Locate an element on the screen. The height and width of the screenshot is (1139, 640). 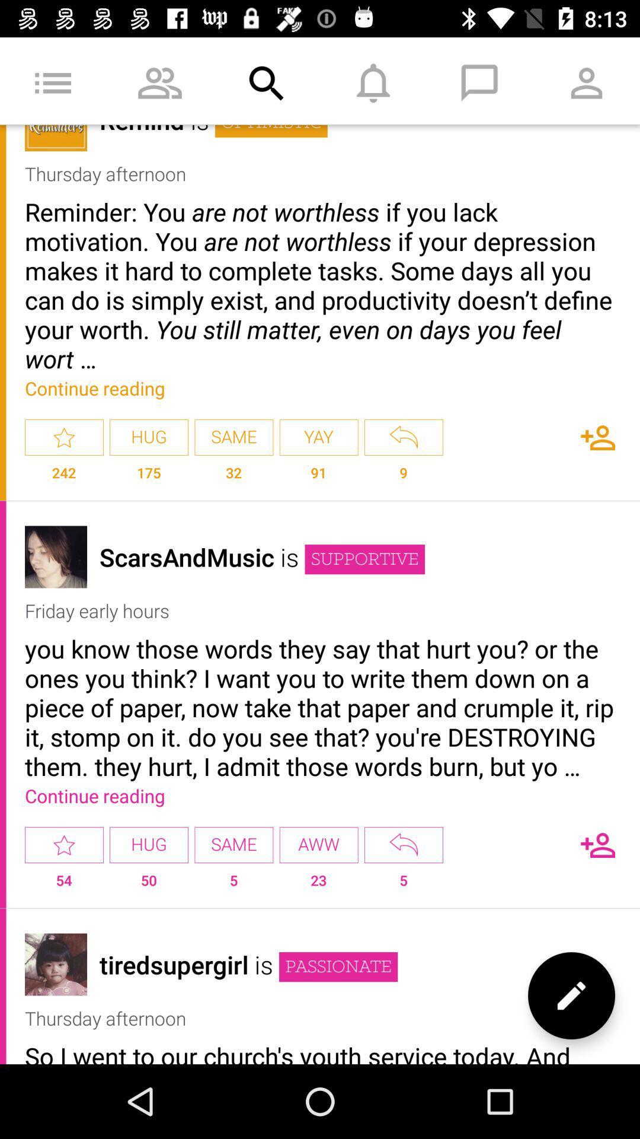
contact is located at coordinates (598, 437).